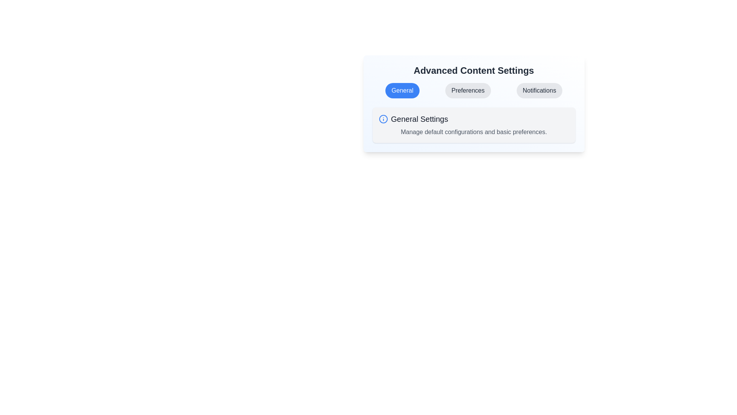  I want to click on the 'Preferences' tab button, which is the second button from the left in the group located below the 'Advanced Content Settings' heading, so click(473, 90).